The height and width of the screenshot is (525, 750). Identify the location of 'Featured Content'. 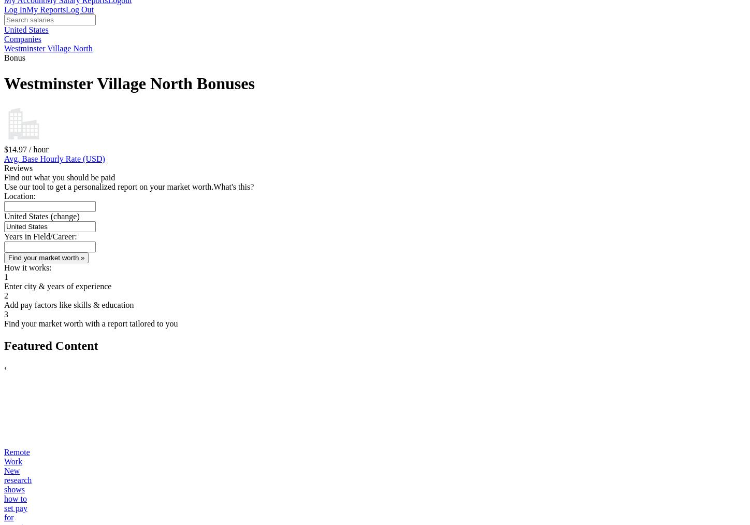
(50, 345).